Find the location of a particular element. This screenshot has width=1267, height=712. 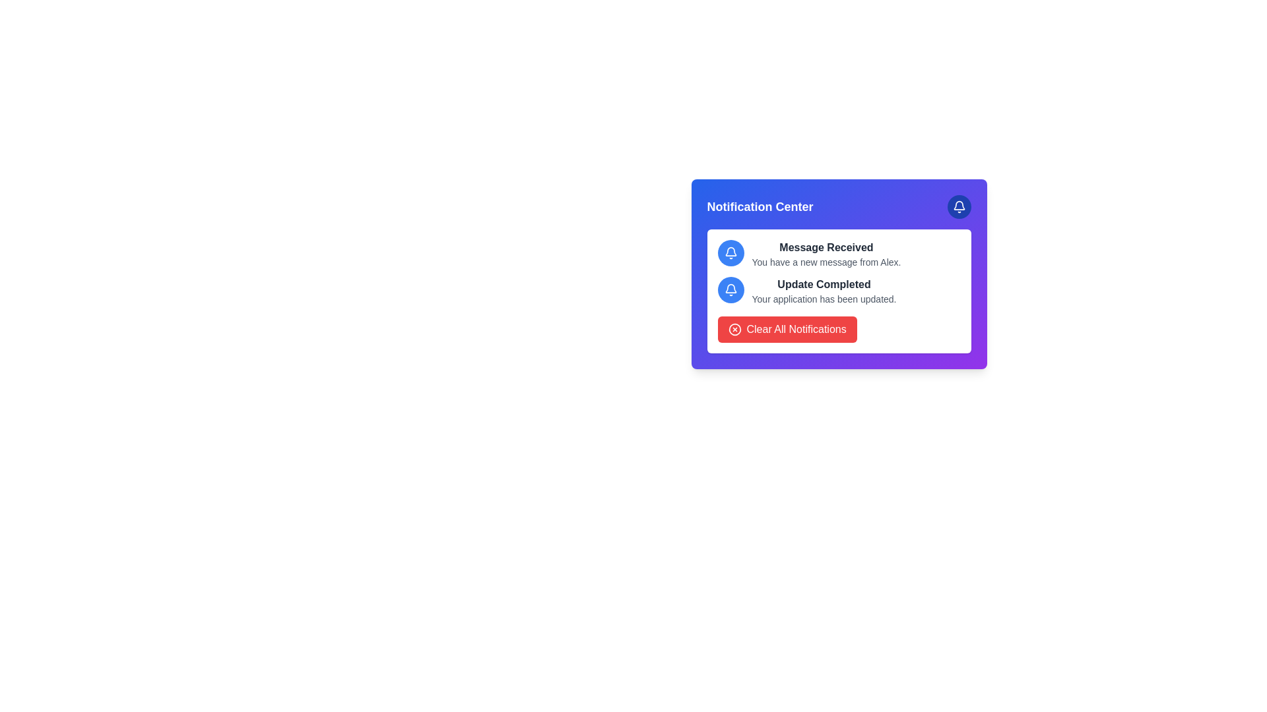

the bell-shaped icon button, which has a white outline on a blue circular background, located at the top-right of the notification card to trigger a tooltip is located at coordinates (959, 206).